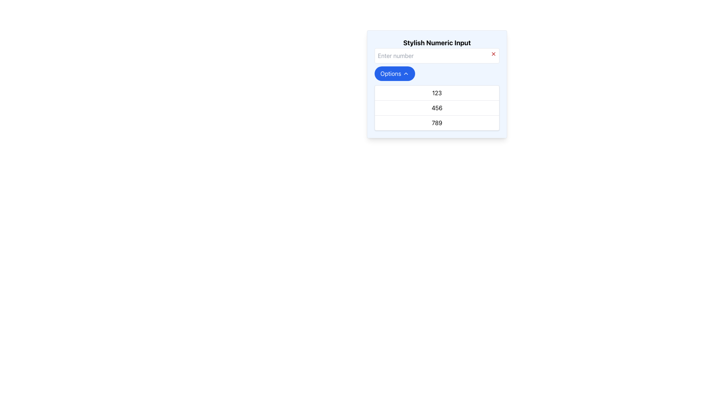 The width and height of the screenshot is (701, 394). Describe the element at coordinates (394, 73) in the screenshot. I see `the blue button labeled 'Options'` at that location.